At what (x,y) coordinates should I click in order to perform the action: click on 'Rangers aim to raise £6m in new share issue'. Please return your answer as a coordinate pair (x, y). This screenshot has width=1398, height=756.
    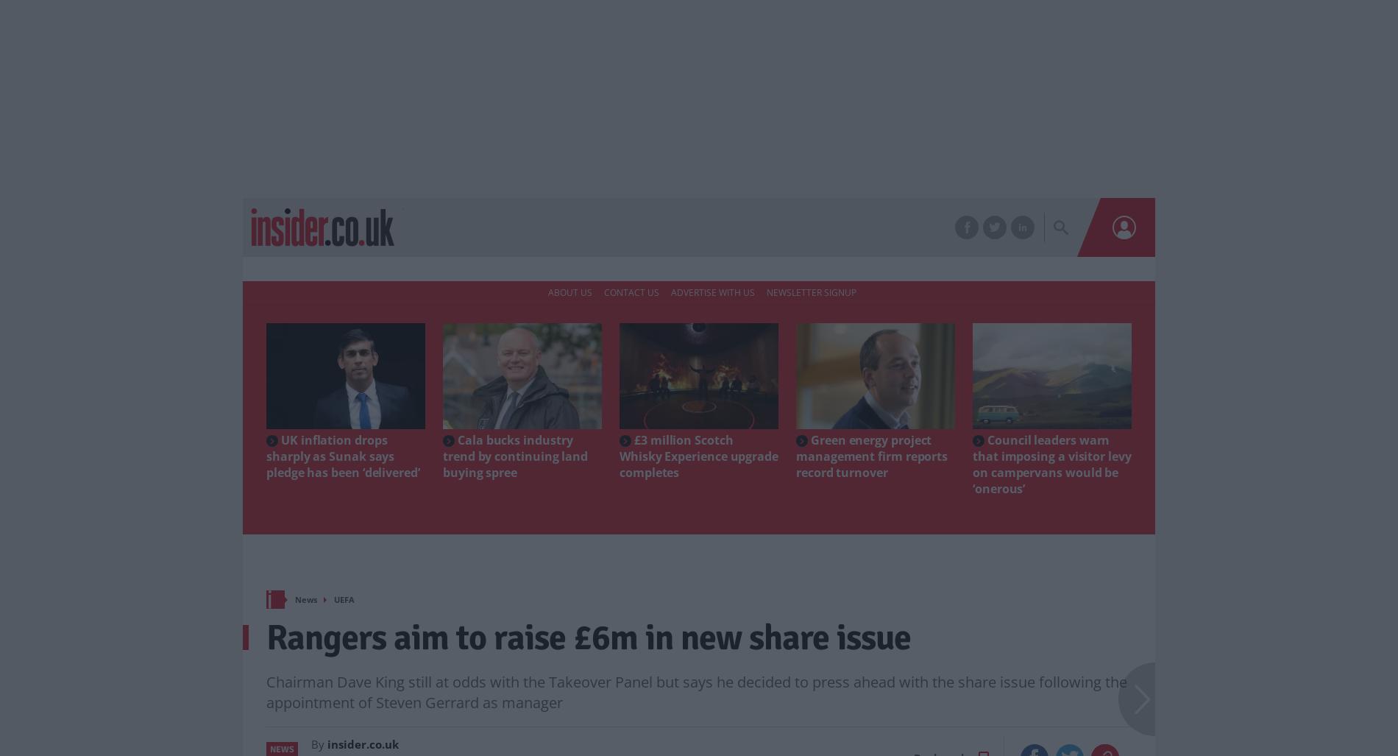
    Looking at the image, I should click on (588, 636).